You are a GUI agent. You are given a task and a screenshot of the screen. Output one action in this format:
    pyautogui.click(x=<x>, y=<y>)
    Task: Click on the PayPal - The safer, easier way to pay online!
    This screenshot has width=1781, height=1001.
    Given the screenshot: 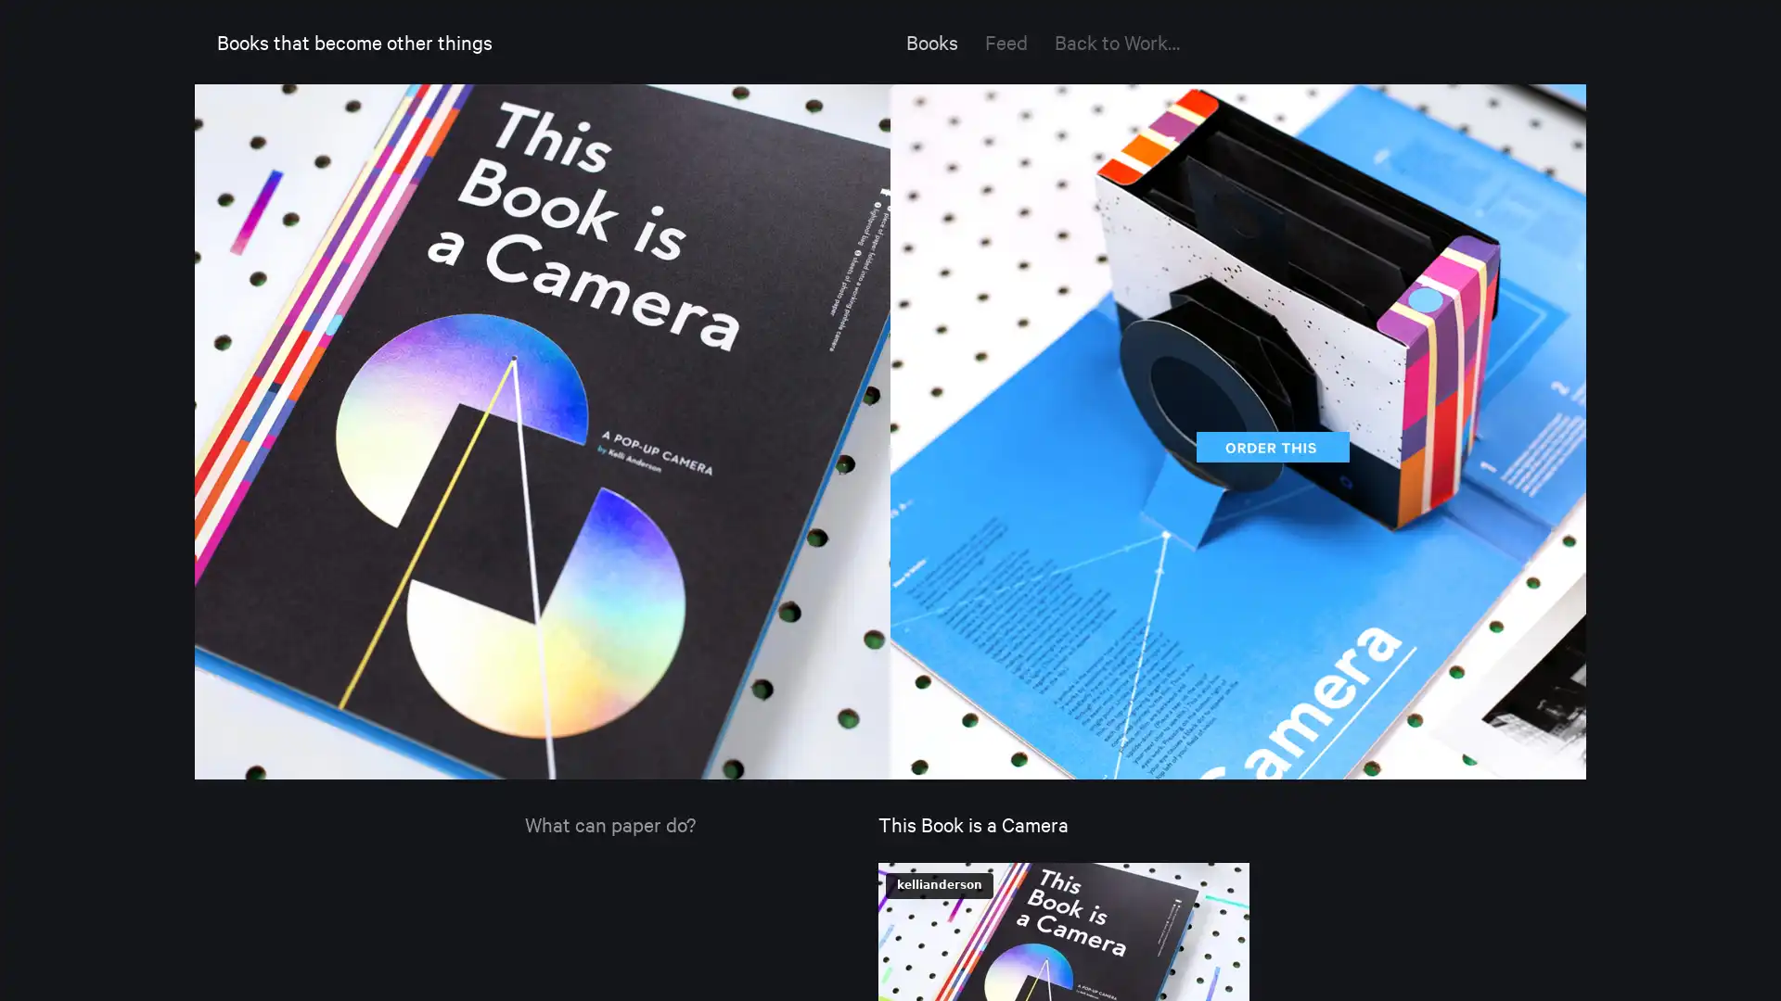 What is the action you would take?
    pyautogui.click(x=1268, y=449)
    